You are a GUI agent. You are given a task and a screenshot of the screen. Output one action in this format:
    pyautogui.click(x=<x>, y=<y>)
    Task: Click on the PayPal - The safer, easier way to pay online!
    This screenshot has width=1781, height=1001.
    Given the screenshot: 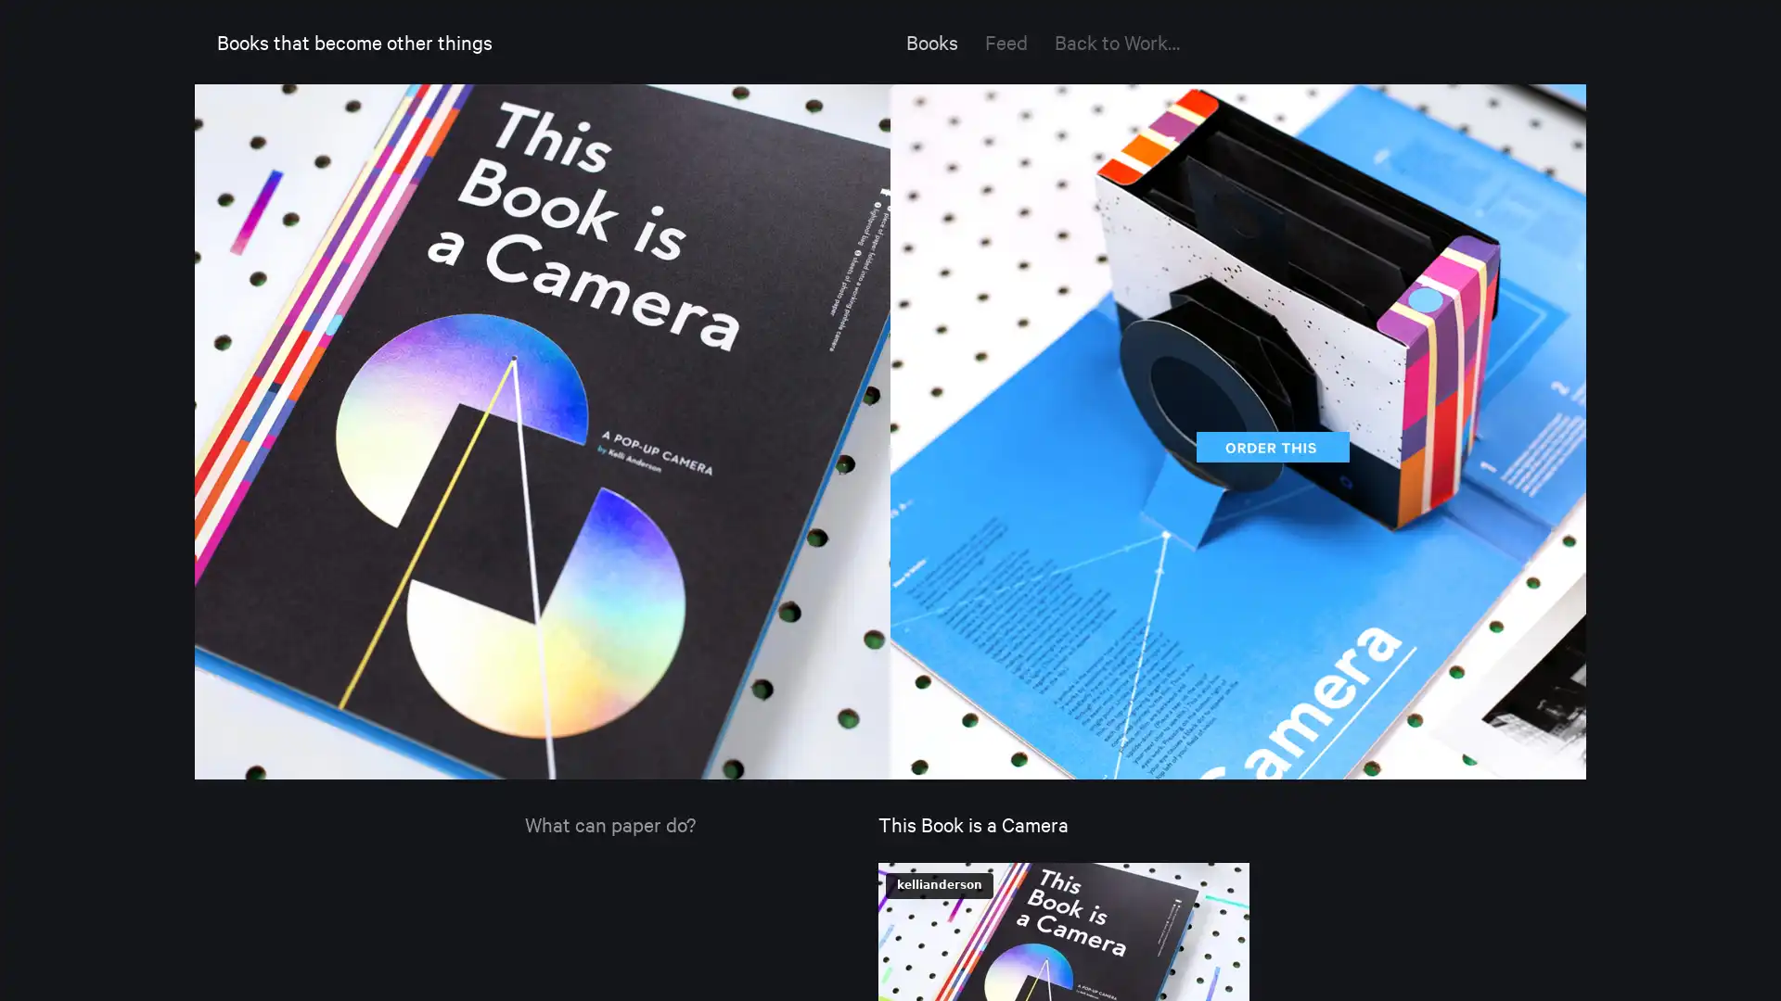 What is the action you would take?
    pyautogui.click(x=1268, y=449)
    